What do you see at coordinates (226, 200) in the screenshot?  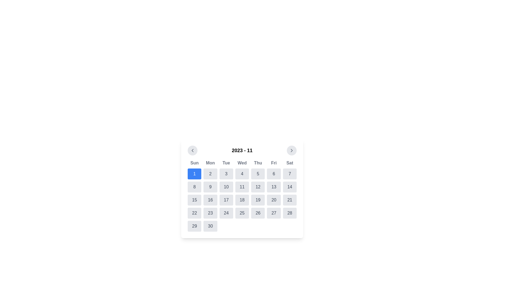 I see `the button displaying '17' with a grey background` at bounding box center [226, 200].